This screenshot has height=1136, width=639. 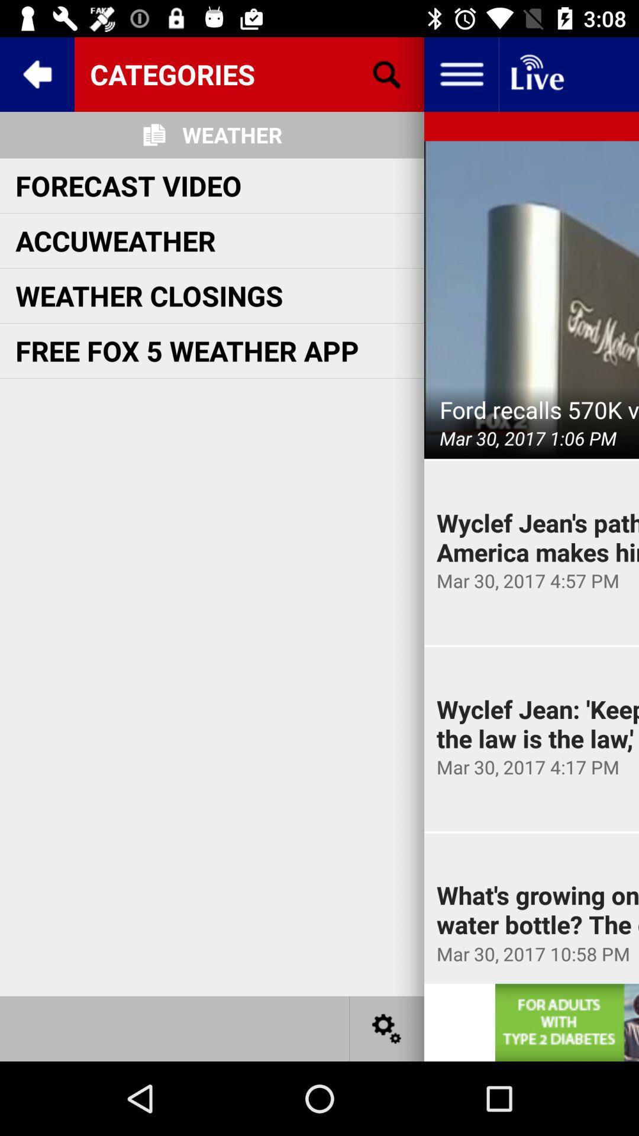 I want to click on check app settings, so click(x=387, y=1028).